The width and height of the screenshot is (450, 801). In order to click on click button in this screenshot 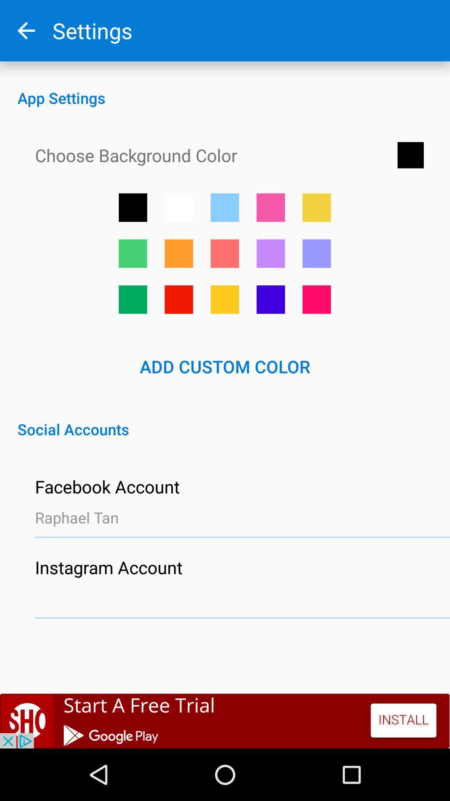, I will do `click(270, 300)`.